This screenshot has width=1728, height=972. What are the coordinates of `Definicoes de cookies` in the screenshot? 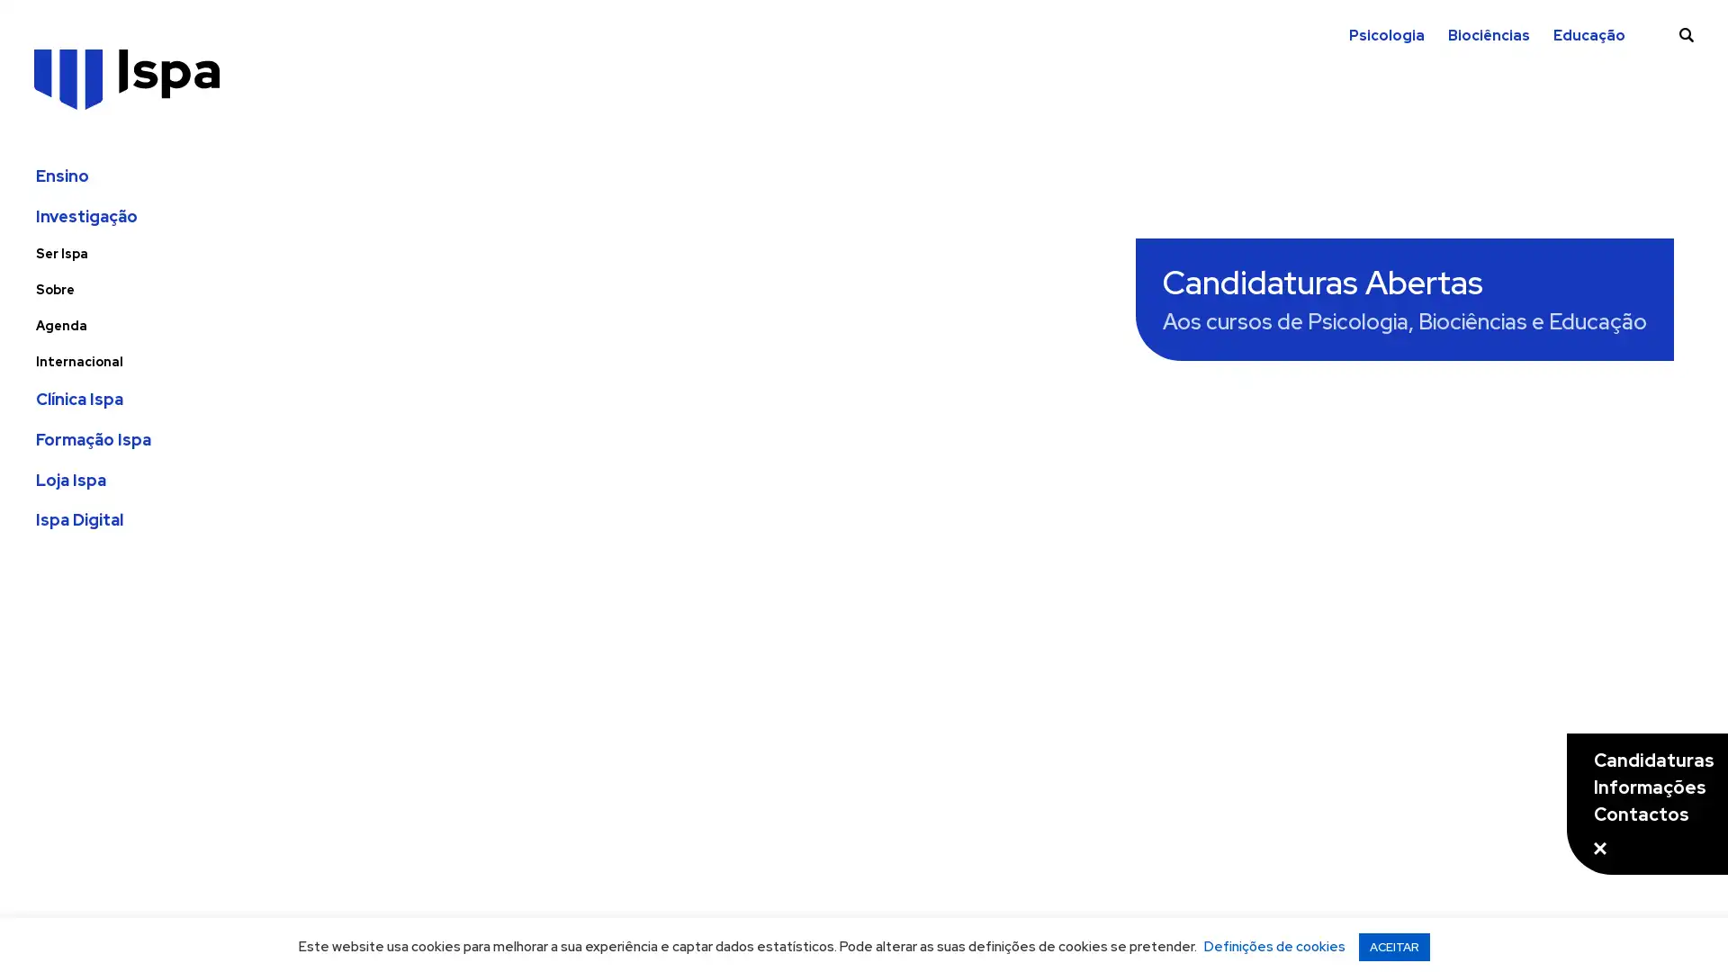 It's located at (1273, 946).